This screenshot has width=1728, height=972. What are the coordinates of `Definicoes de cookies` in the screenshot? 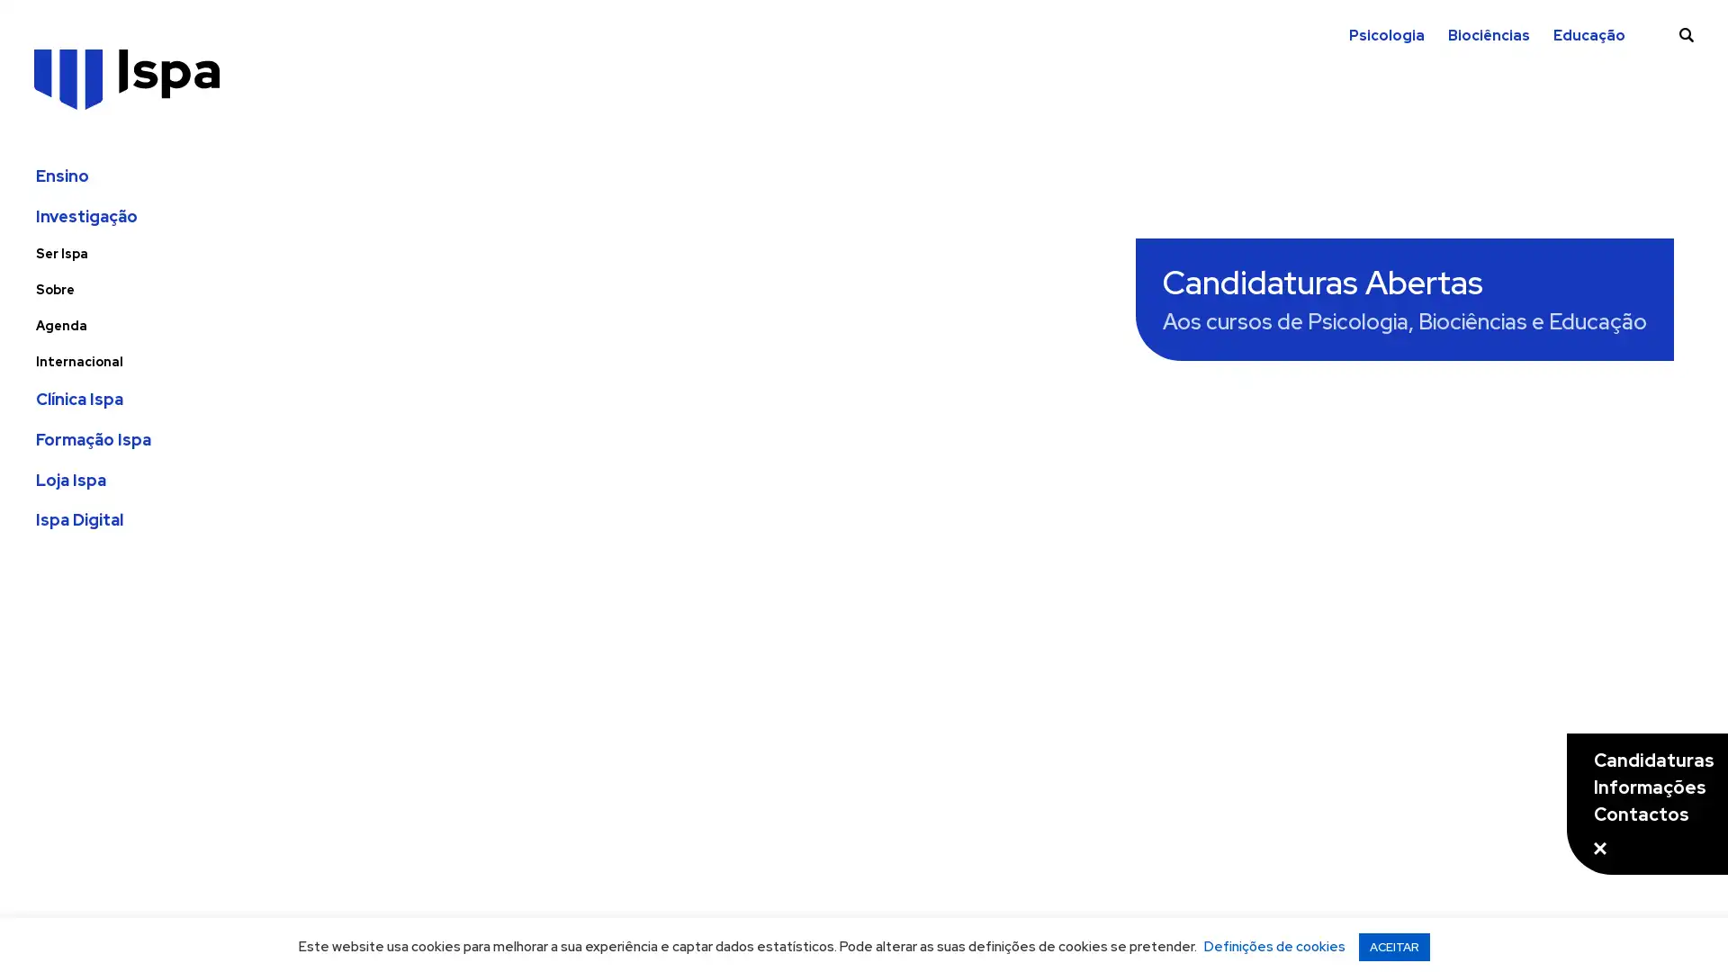 It's located at (1273, 946).